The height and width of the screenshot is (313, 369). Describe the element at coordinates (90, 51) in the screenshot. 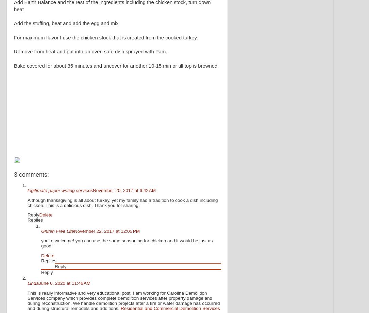

I see `'Remove from heat and put into an oven safe dish sprayed with Pam.'` at that location.